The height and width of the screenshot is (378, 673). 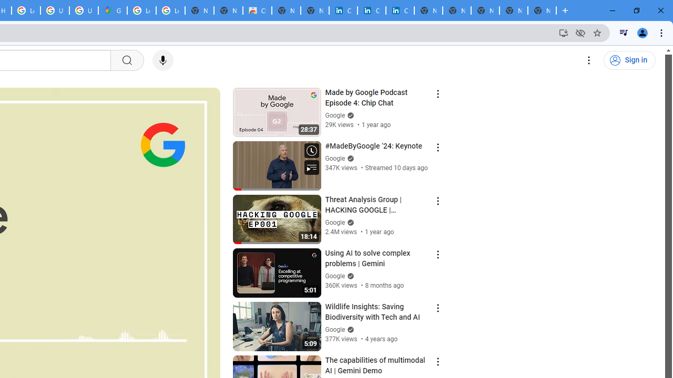 I want to click on 'Cookie Policy | LinkedIn', so click(x=343, y=10).